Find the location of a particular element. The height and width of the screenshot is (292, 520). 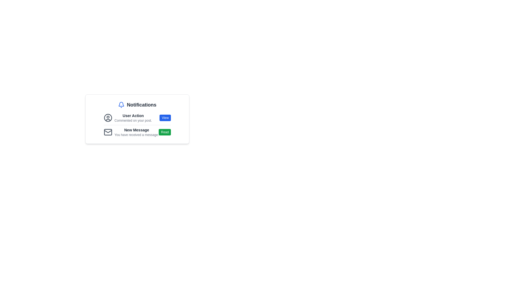

notification content in the first notification item below the 'Notifications' heading, which includes a message about a comment on a user's post and a 'View' button for navigation is located at coordinates (137, 117).